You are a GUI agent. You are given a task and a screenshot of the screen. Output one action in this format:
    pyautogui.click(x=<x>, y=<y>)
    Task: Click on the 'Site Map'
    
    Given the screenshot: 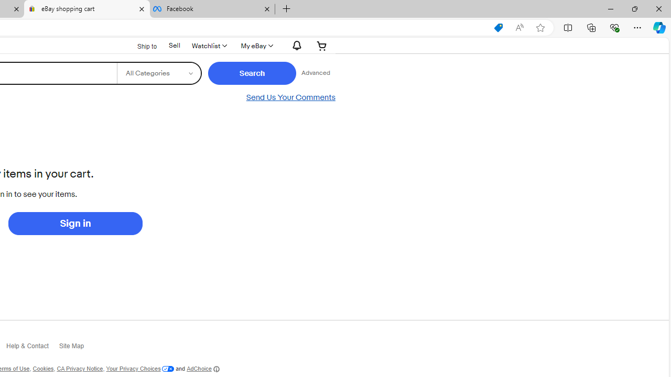 What is the action you would take?
    pyautogui.click(x=76, y=349)
    